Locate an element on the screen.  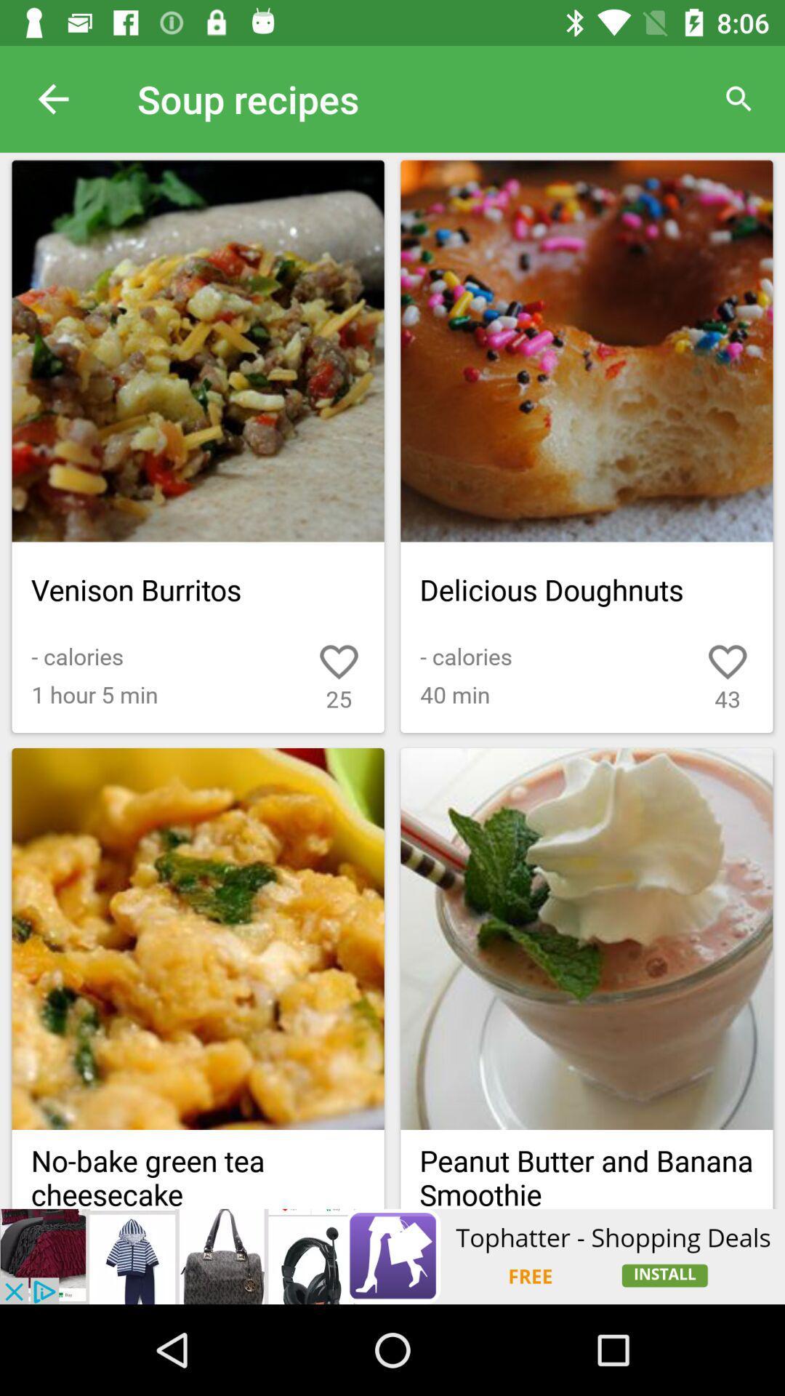
image which is at top right is located at coordinates (586, 351).